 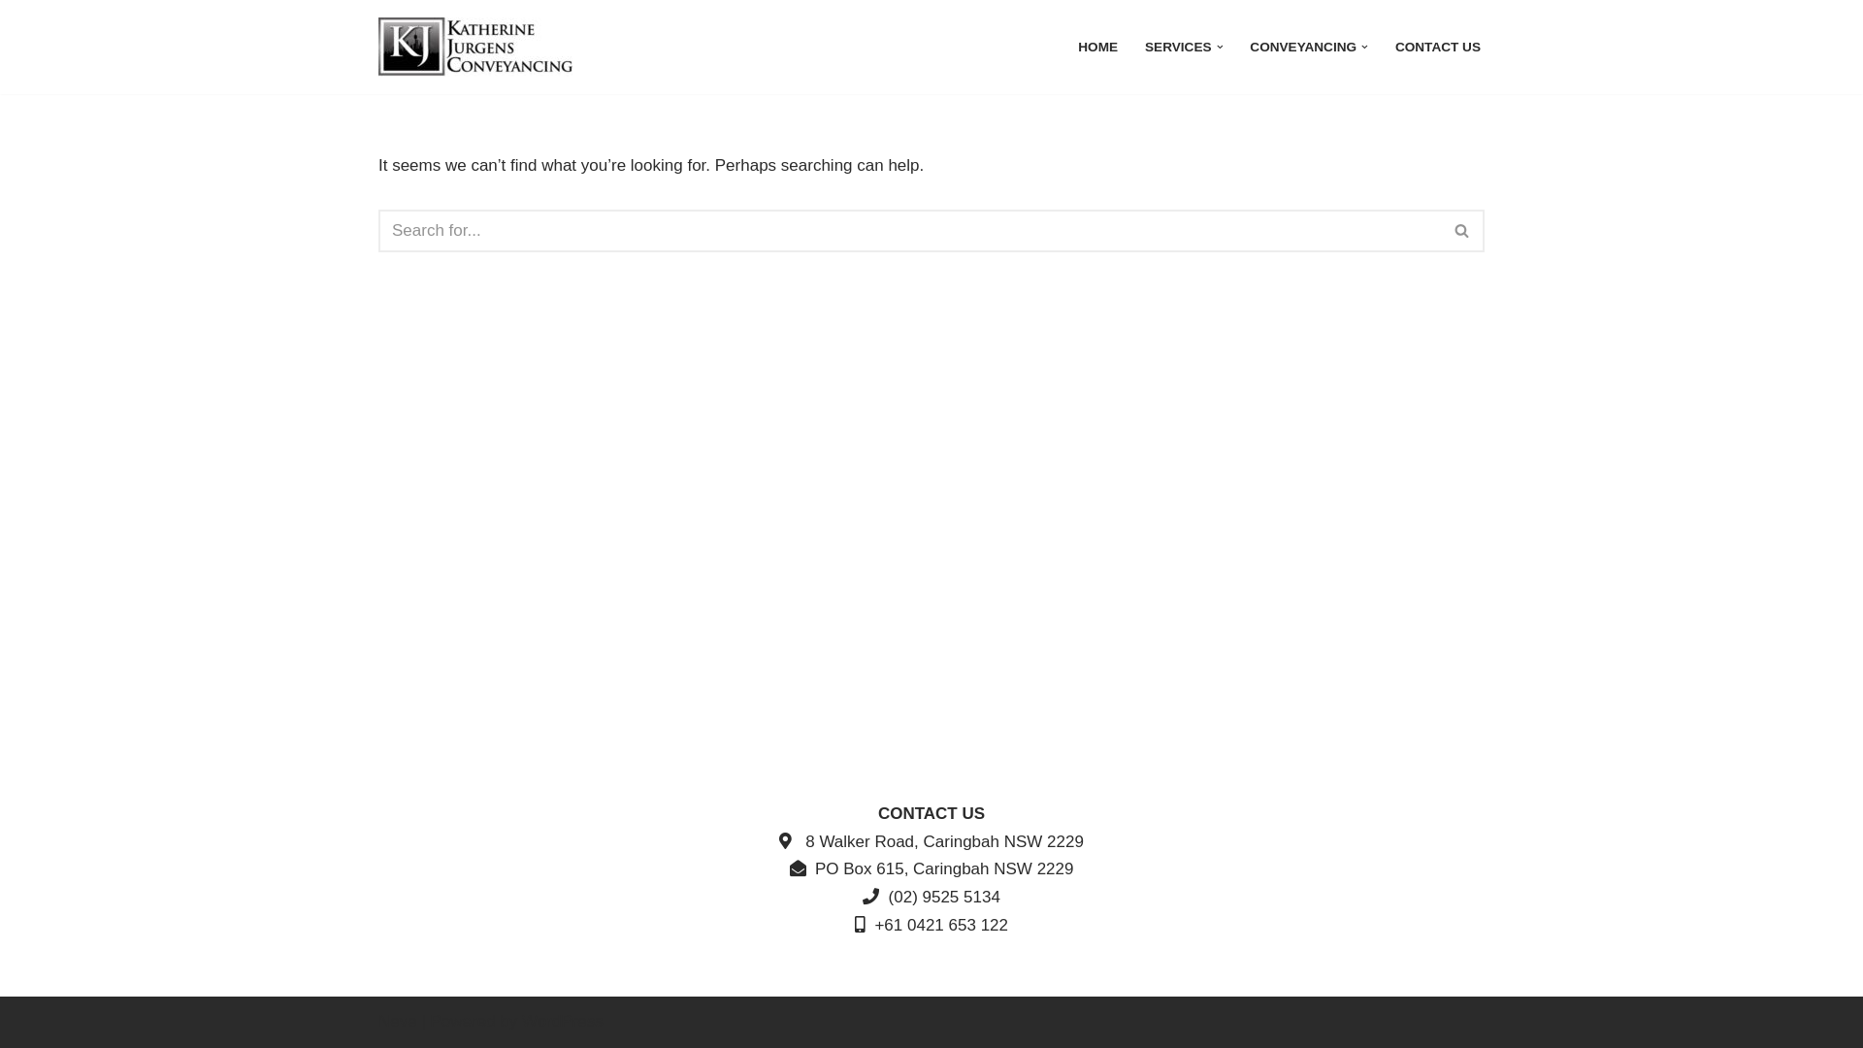 I want to click on 'Neve', so click(x=377, y=1020).